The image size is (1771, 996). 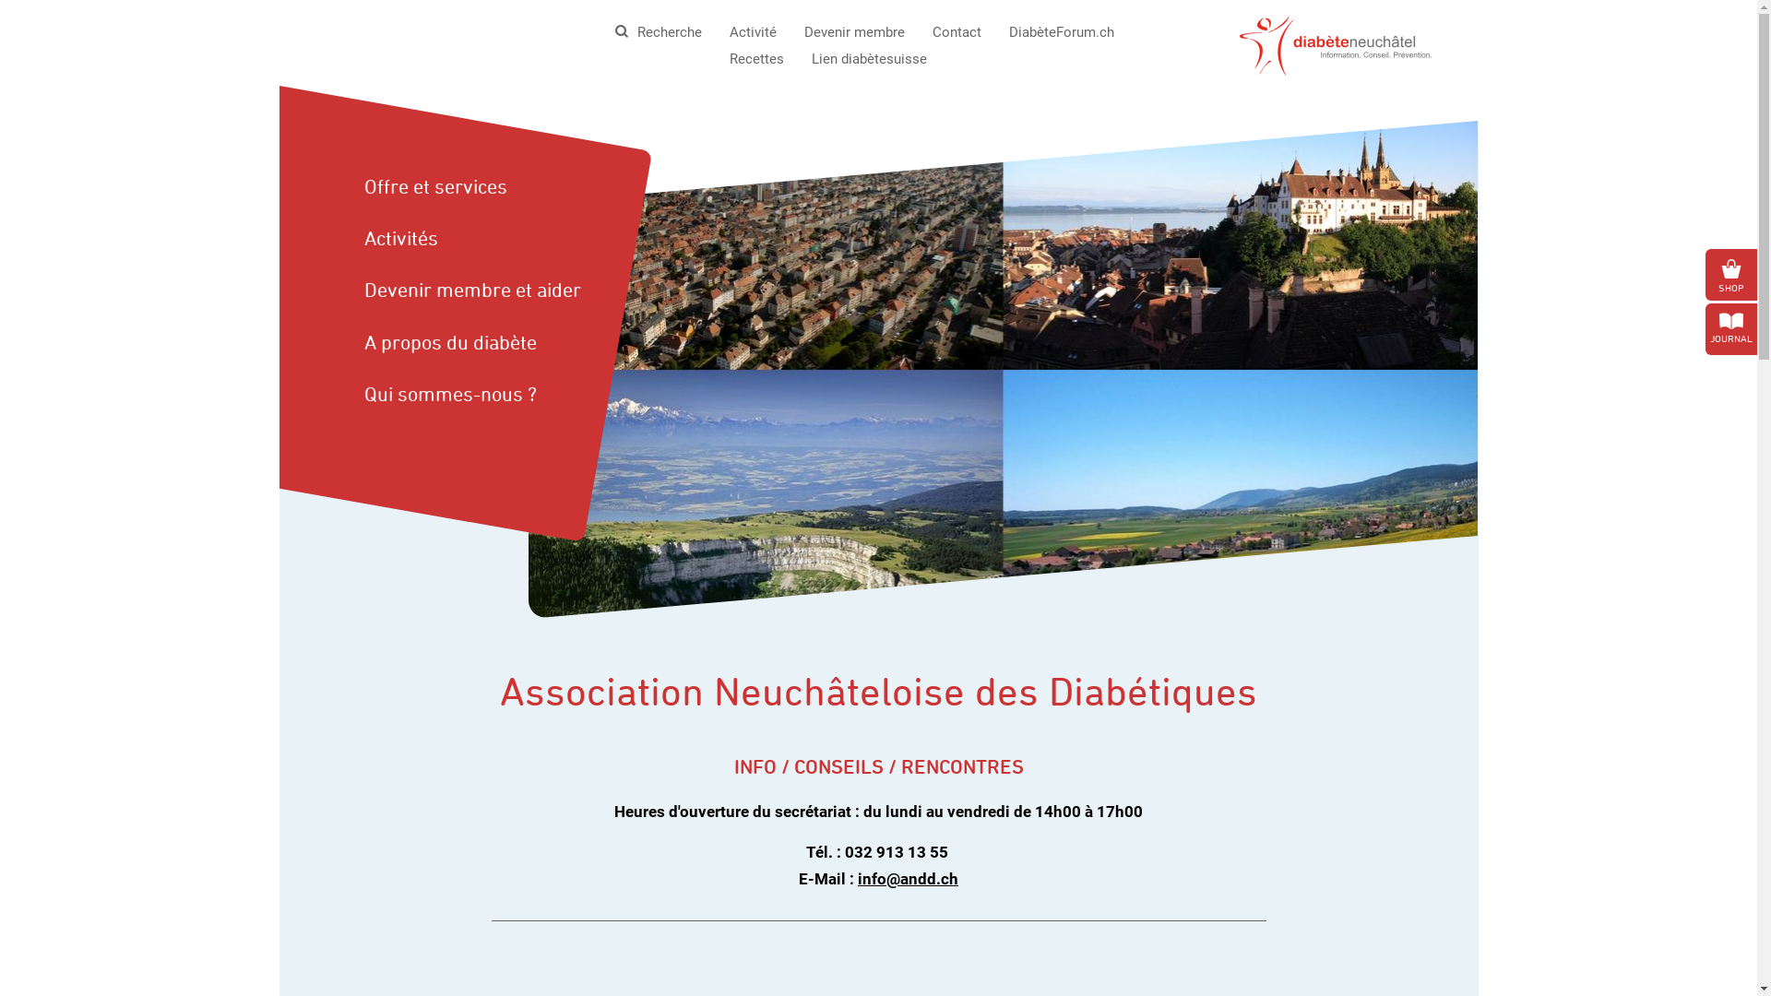 What do you see at coordinates (1729, 274) in the screenshot?
I see `'SHOP'` at bounding box center [1729, 274].